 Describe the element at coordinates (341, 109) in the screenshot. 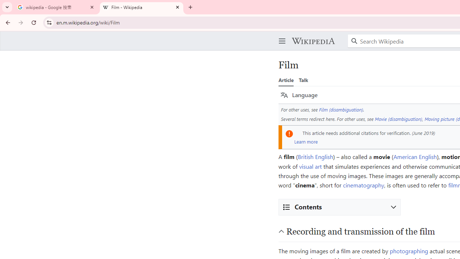

I see `'Film (disambiguation)'` at that location.